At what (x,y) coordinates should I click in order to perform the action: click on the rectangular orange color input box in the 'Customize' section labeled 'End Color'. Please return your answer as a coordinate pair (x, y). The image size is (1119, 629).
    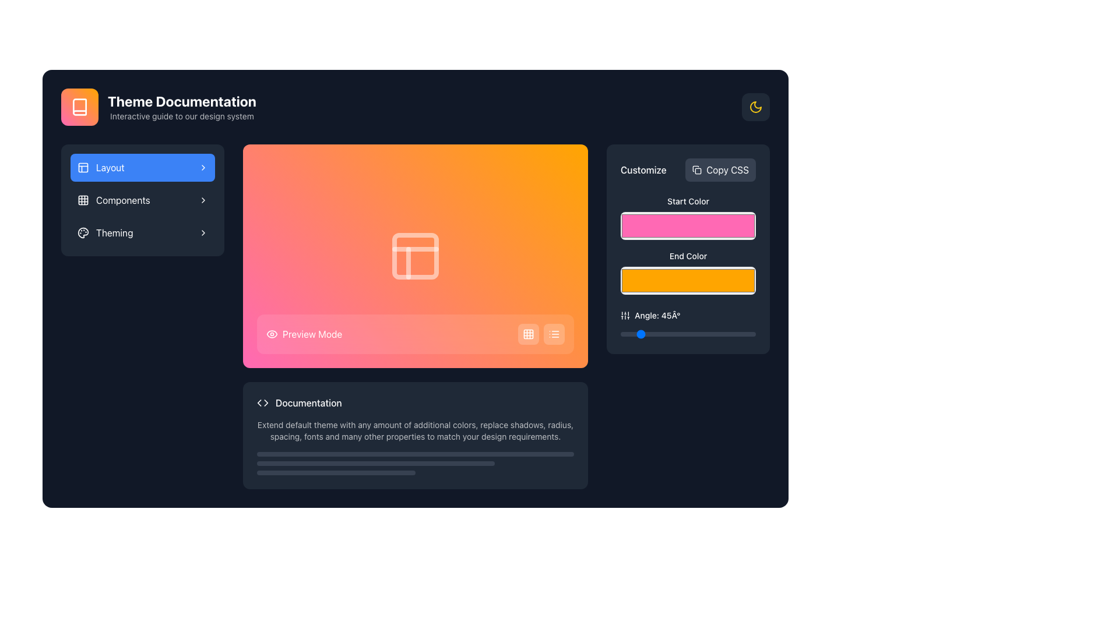
    Looking at the image, I should click on (688, 281).